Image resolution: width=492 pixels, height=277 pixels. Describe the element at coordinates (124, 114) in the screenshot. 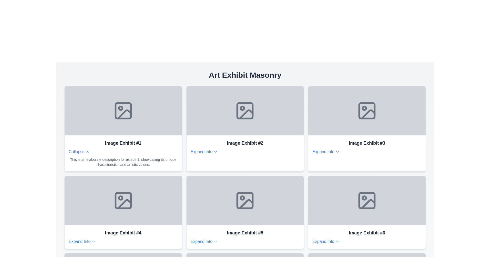

I see `the landscape icon located in the top row, first column of the 'Image Exhibit #1' grid, identified by the diagonal line in the bottom right quadrant of the square frame` at that location.